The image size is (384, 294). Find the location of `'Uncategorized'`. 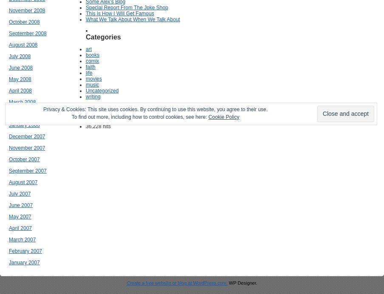

'Uncategorized' is located at coordinates (102, 90).